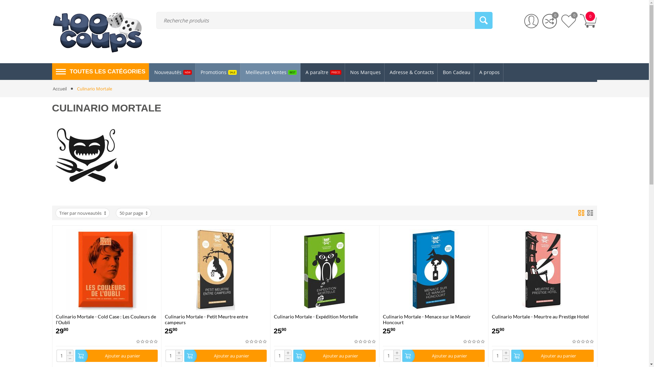 This screenshot has width=654, height=367. What do you see at coordinates (106, 319) in the screenshot?
I see `'Culinario Mortale - Cold Case : Les Couleurs de l'Oubli'` at bounding box center [106, 319].